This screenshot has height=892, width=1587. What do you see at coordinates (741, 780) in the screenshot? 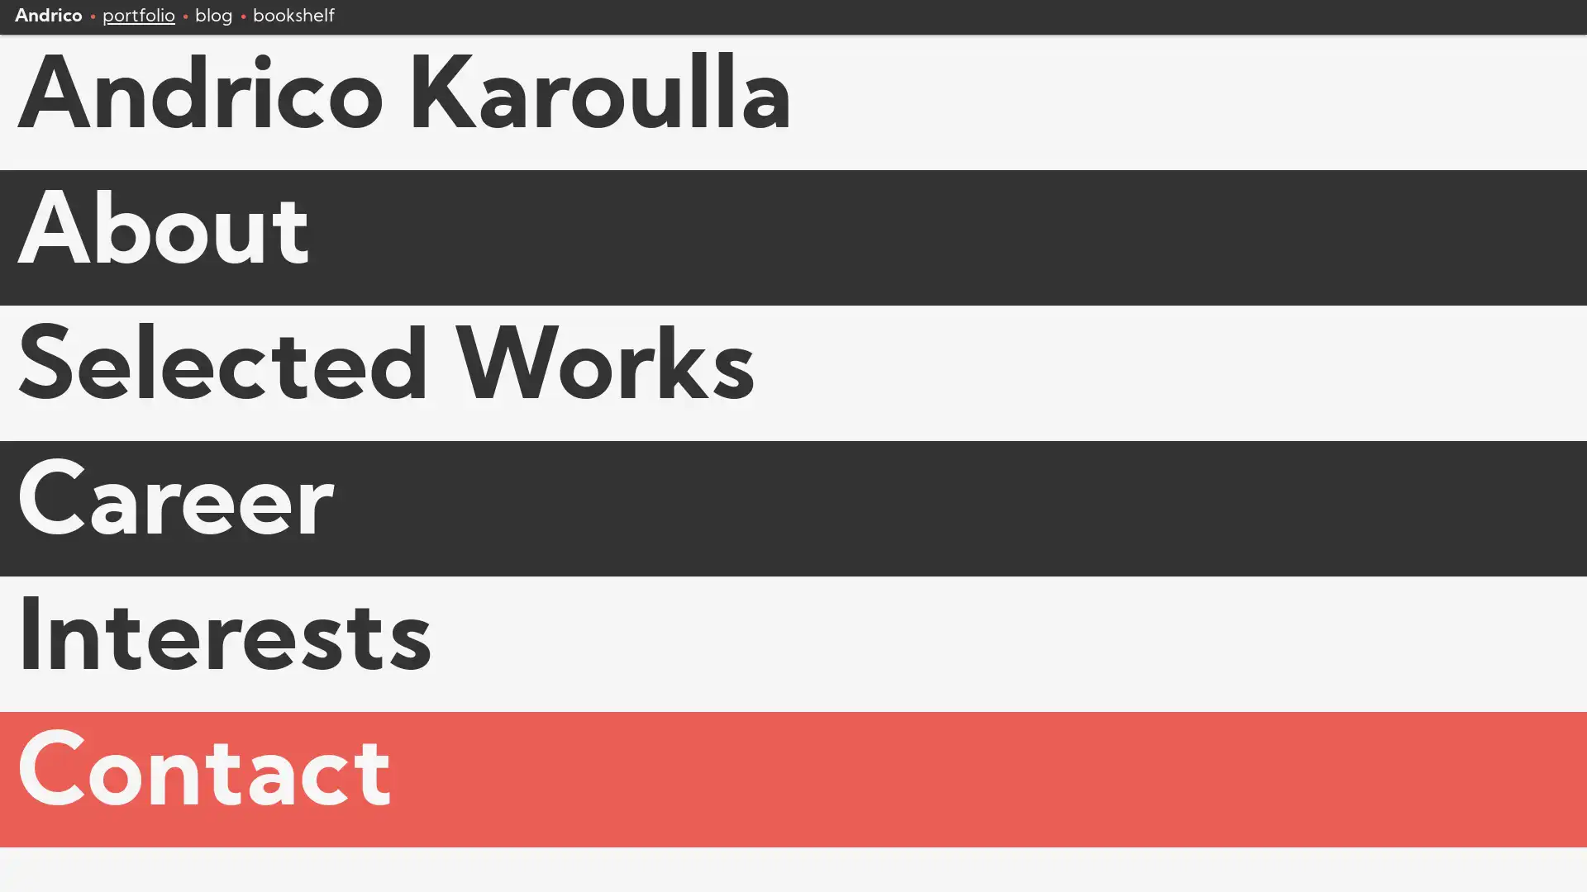
I see `Contact` at bounding box center [741, 780].